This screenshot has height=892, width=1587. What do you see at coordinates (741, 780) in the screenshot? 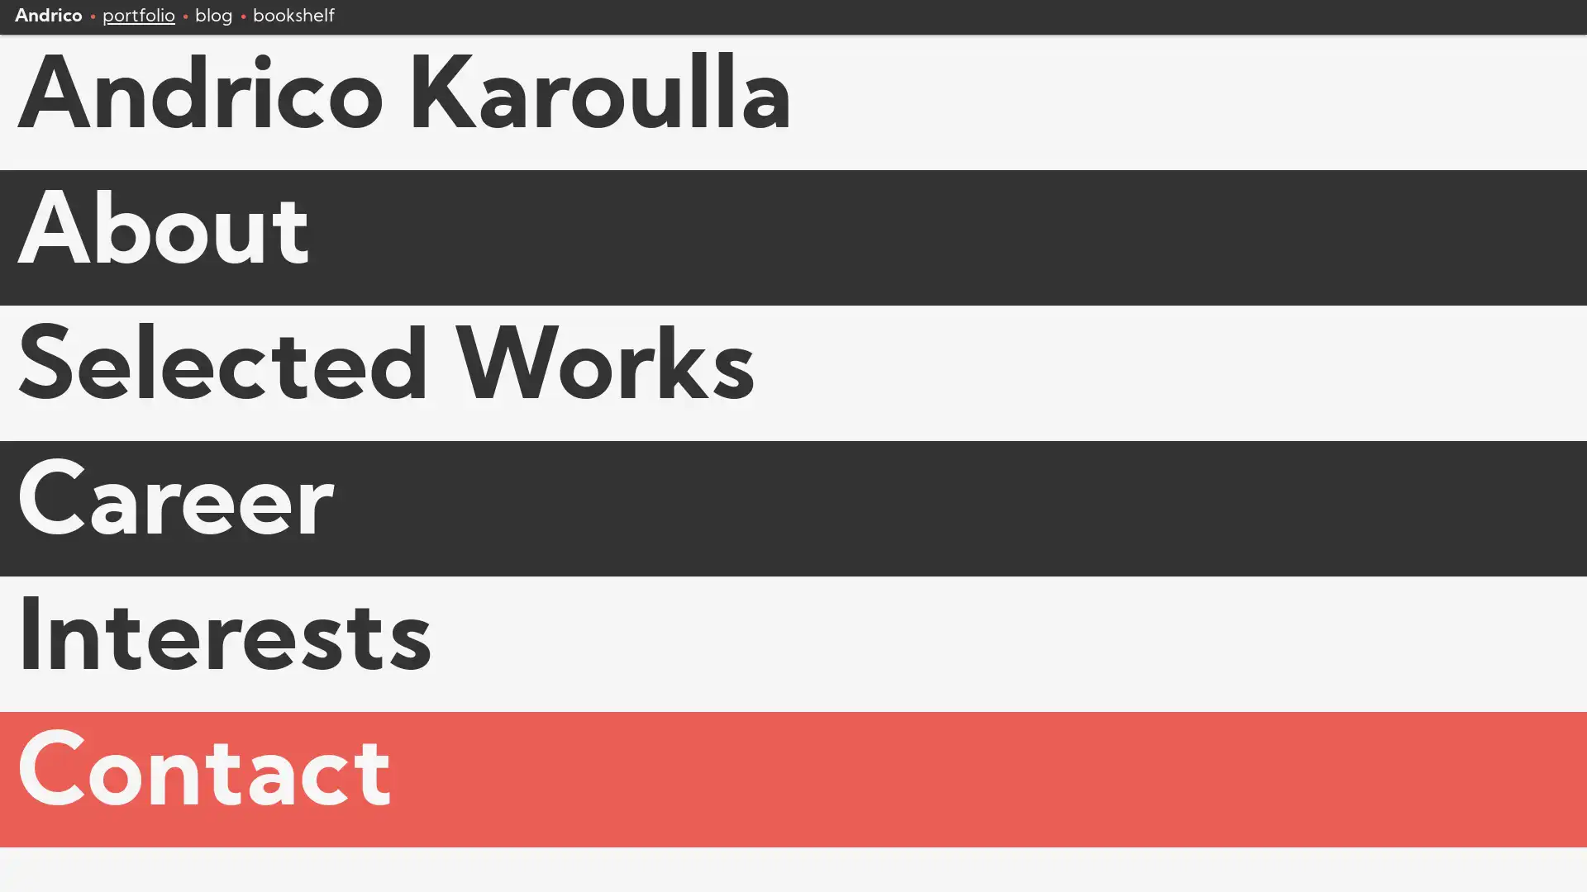
I see `Contact` at bounding box center [741, 780].